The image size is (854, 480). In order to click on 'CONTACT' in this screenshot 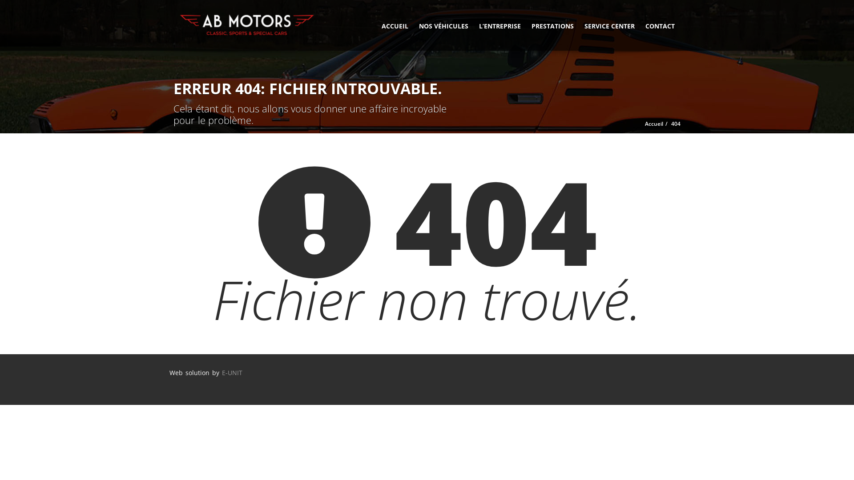, I will do `click(660, 25)`.